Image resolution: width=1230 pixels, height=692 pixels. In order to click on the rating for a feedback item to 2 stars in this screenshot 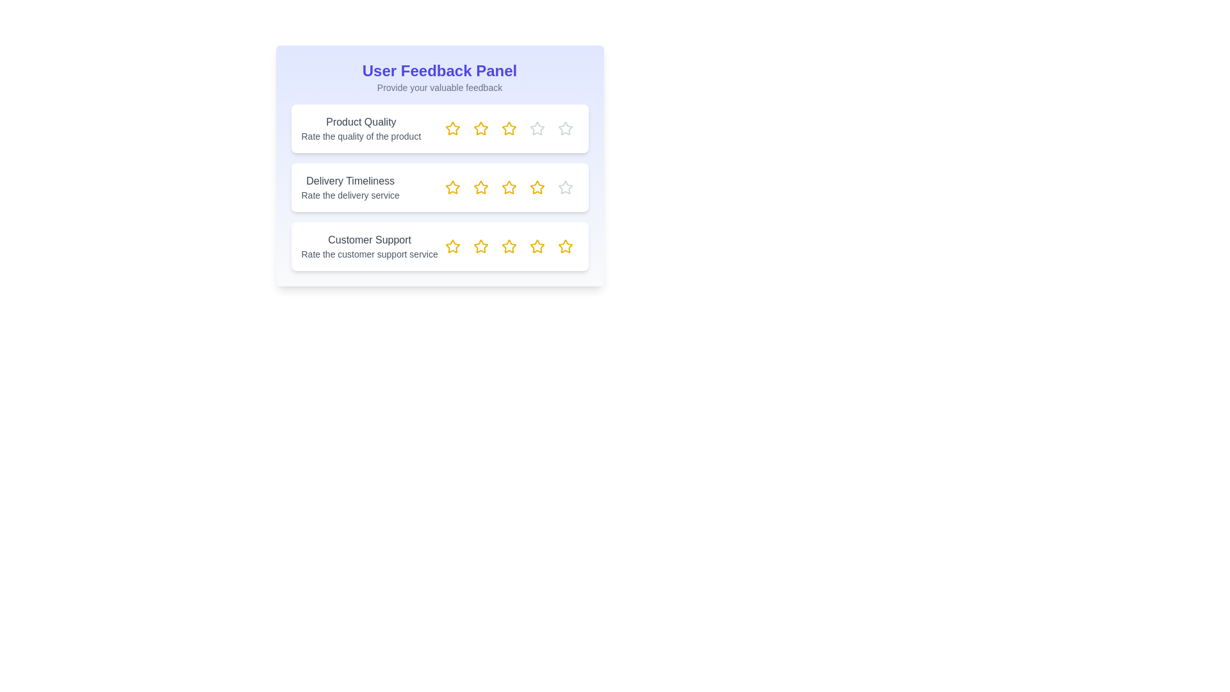, I will do `click(480, 128)`.